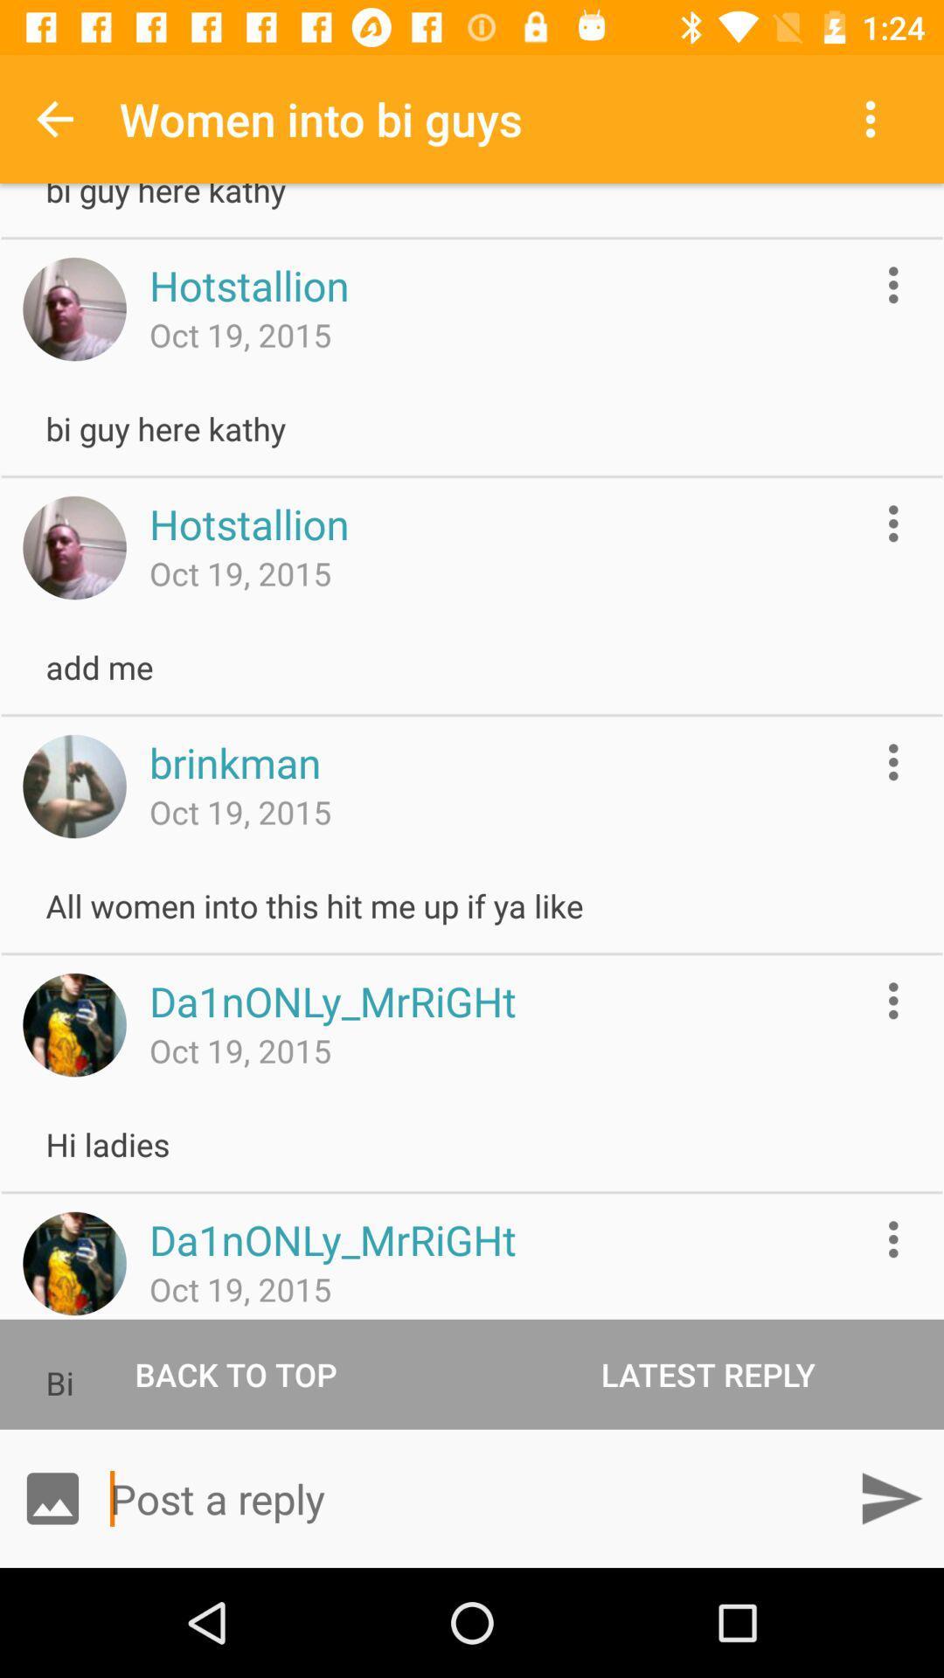  Describe the element at coordinates (472, 1497) in the screenshot. I see `write reply` at that location.